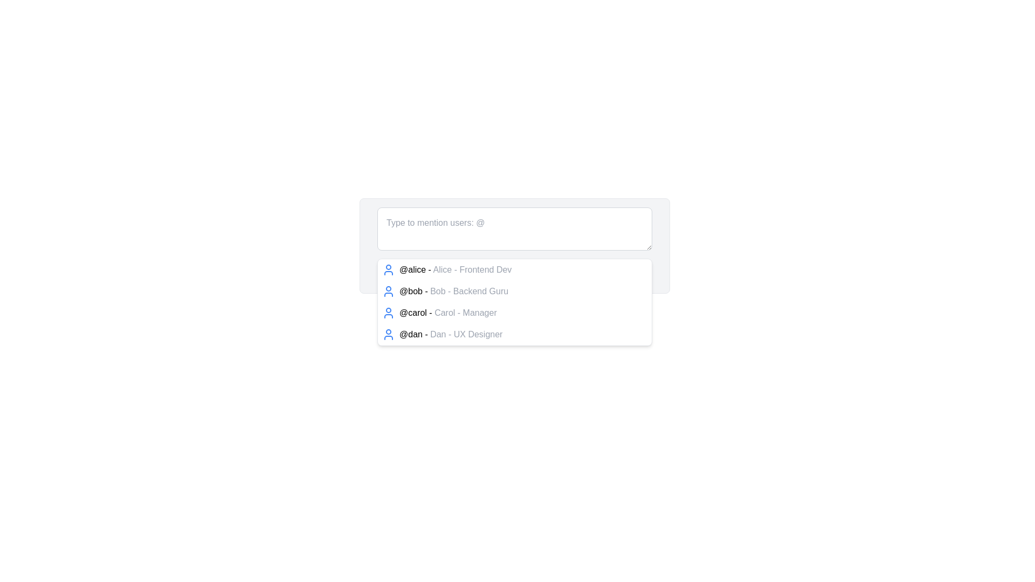  What do you see at coordinates (388, 334) in the screenshot?
I see `the user icon represented by a blue circular silhouette in the dropdown list labeled '@dan - Dan - UX Designer'` at bounding box center [388, 334].